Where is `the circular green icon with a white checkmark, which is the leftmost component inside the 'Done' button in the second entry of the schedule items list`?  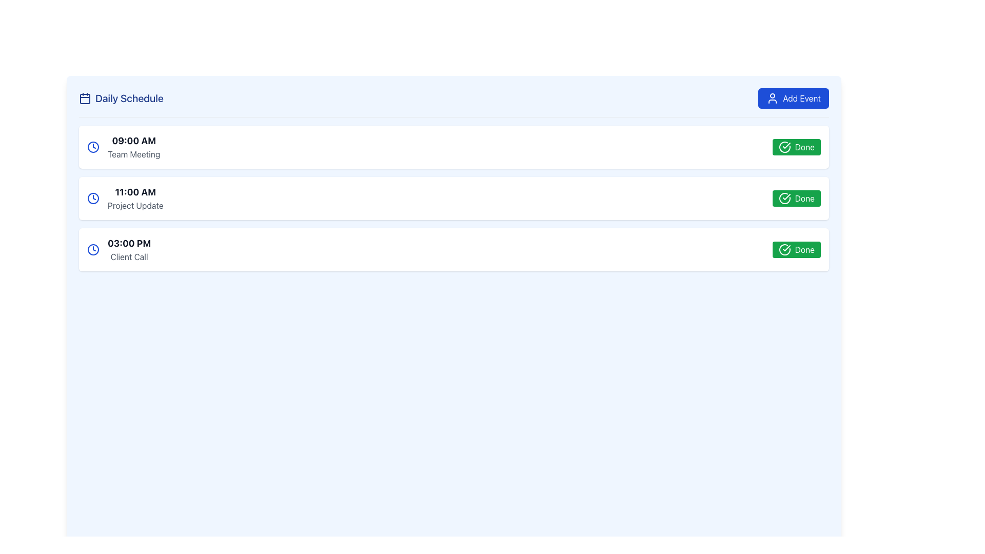
the circular green icon with a white checkmark, which is the leftmost component inside the 'Done' button in the second entry of the schedule items list is located at coordinates (784, 147).